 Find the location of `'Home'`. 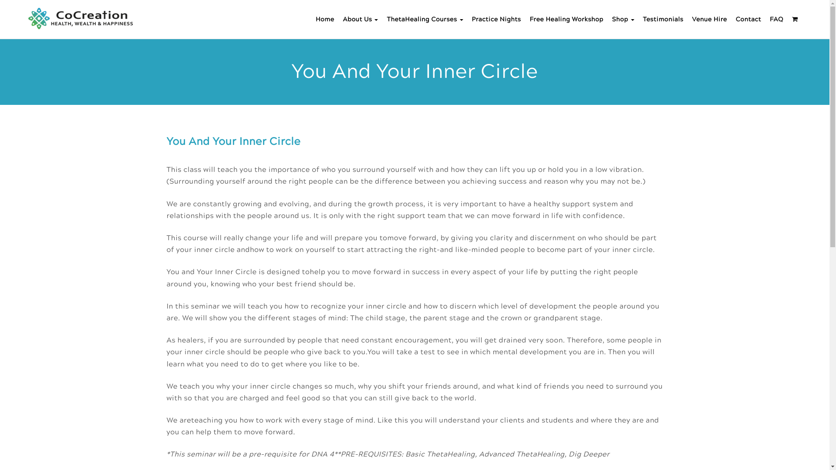

'Home' is located at coordinates (315, 18).